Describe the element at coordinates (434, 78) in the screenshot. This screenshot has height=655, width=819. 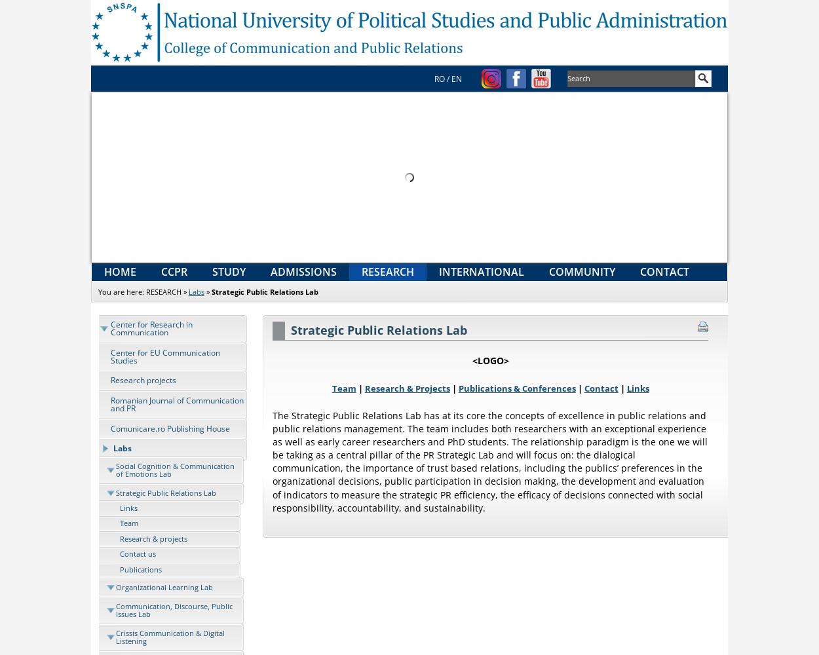
I see `'RO'` at that location.